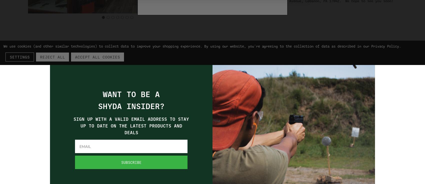 Image resolution: width=425 pixels, height=184 pixels. Describe the element at coordinates (131, 162) in the screenshot. I see `'Subscribe'` at that location.